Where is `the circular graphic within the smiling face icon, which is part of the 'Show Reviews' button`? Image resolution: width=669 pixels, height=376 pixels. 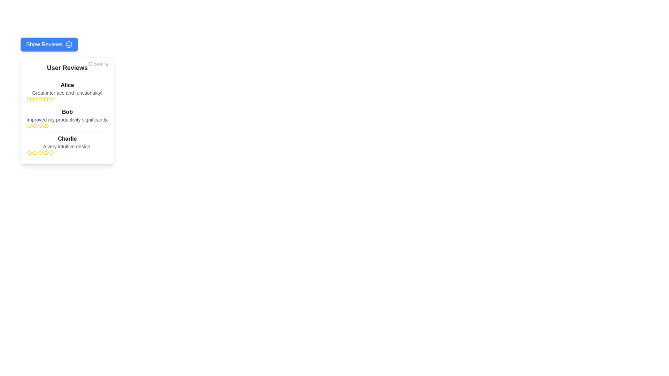 the circular graphic within the smiling face icon, which is part of the 'Show Reviews' button is located at coordinates (69, 44).